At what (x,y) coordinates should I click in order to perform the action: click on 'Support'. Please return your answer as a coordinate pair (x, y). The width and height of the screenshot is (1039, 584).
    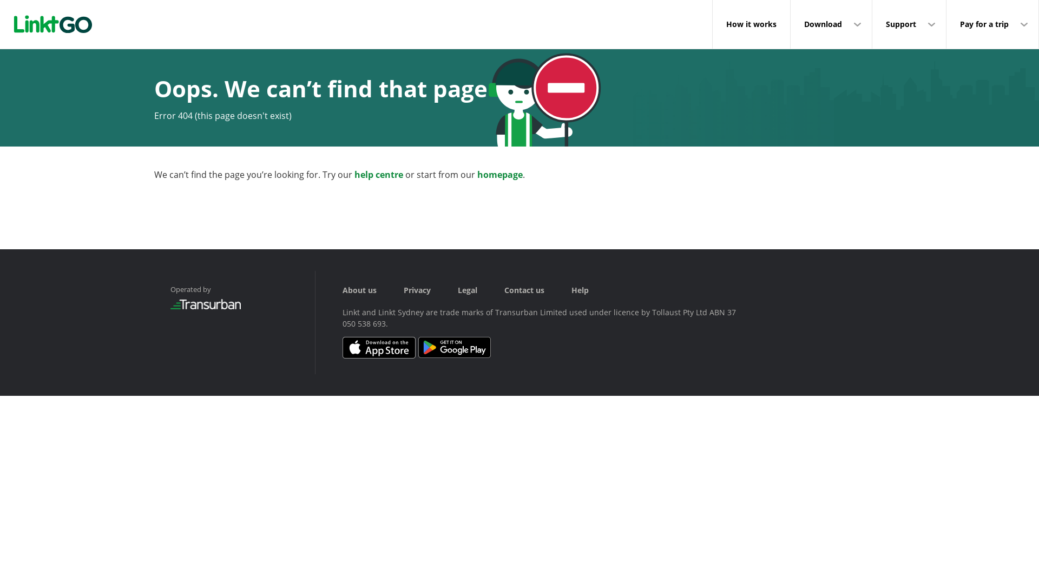
    Looking at the image, I should click on (872, 24).